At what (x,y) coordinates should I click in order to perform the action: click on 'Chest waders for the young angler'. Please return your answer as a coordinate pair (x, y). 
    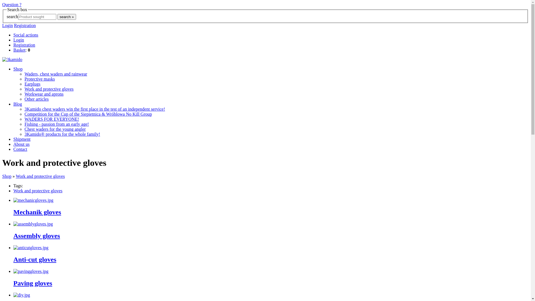
    Looking at the image, I should click on (55, 129).